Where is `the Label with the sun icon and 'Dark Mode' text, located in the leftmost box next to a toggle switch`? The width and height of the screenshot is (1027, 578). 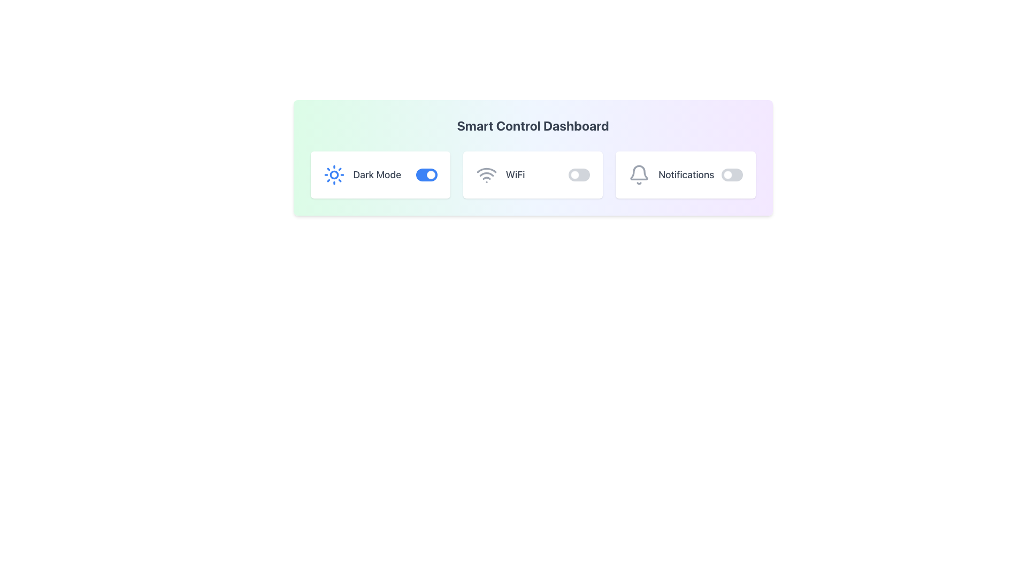
the Label with the sun icon and 'Dark Mode' text, located in the leftmost box next to a toggle switch is located at coordinates (362, 174).